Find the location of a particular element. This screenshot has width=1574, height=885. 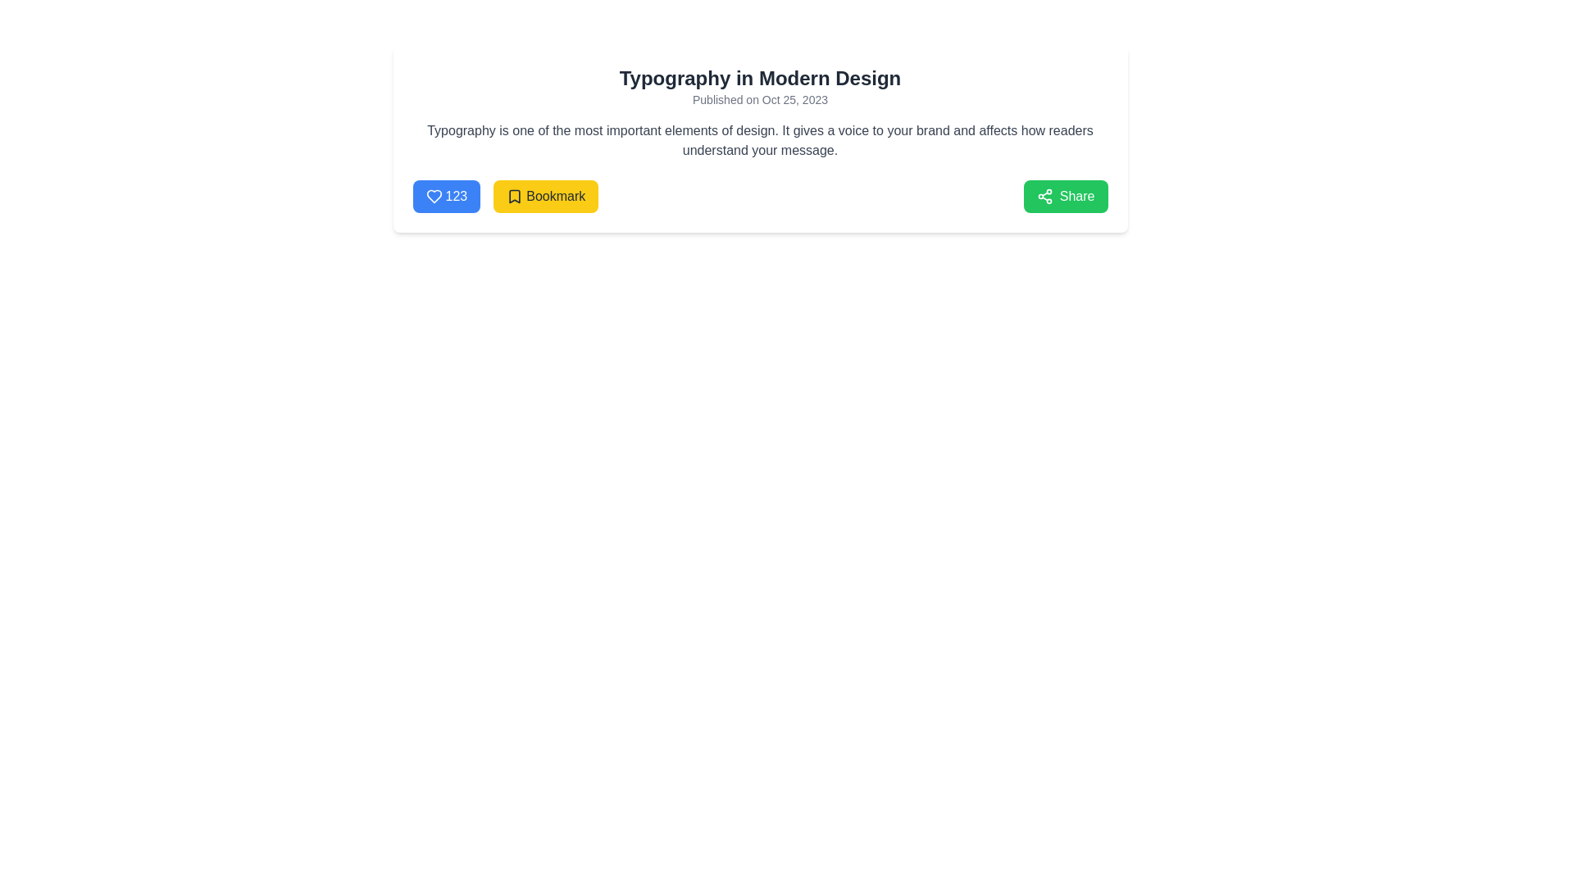

the stylized bookmark icon located on the left side of the 'Bookmark' button to possibly view a tooltip is located at coordinates (514, 195).